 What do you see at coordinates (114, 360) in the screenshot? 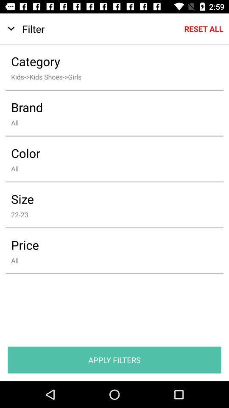
I see `the apply filters icon` at bounding box center [114, 360].